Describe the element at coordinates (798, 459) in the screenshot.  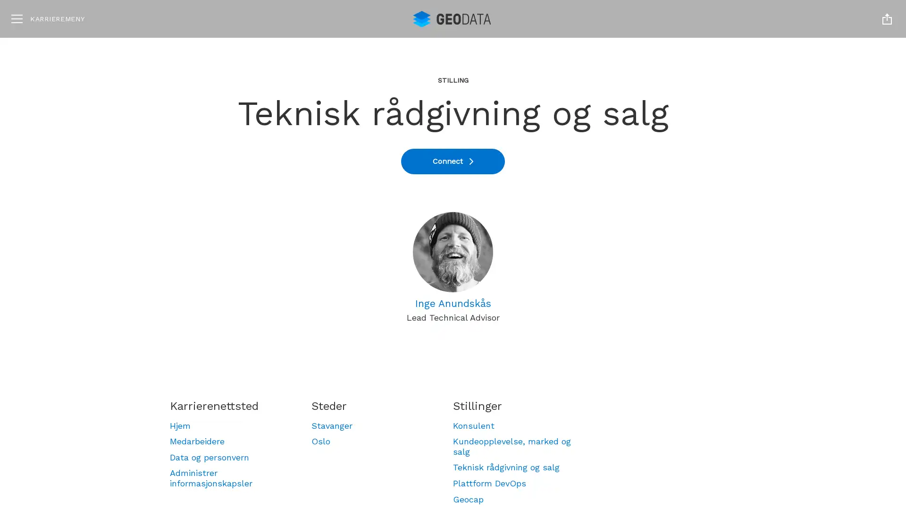
I see `Preferanser for informasjonskapsler` at that location.